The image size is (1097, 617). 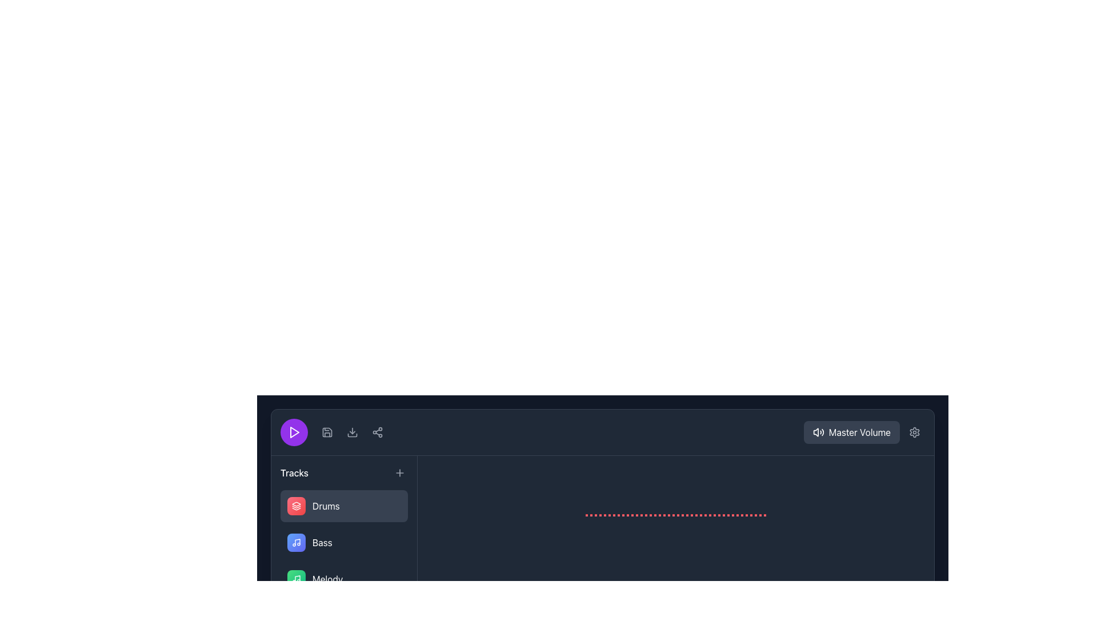 What do you see at coordinates (815, 432) in the screenshot?
I see `the leftmost component of the visual audio control representation within the volume control icon group` at bounding box center [815, 432].